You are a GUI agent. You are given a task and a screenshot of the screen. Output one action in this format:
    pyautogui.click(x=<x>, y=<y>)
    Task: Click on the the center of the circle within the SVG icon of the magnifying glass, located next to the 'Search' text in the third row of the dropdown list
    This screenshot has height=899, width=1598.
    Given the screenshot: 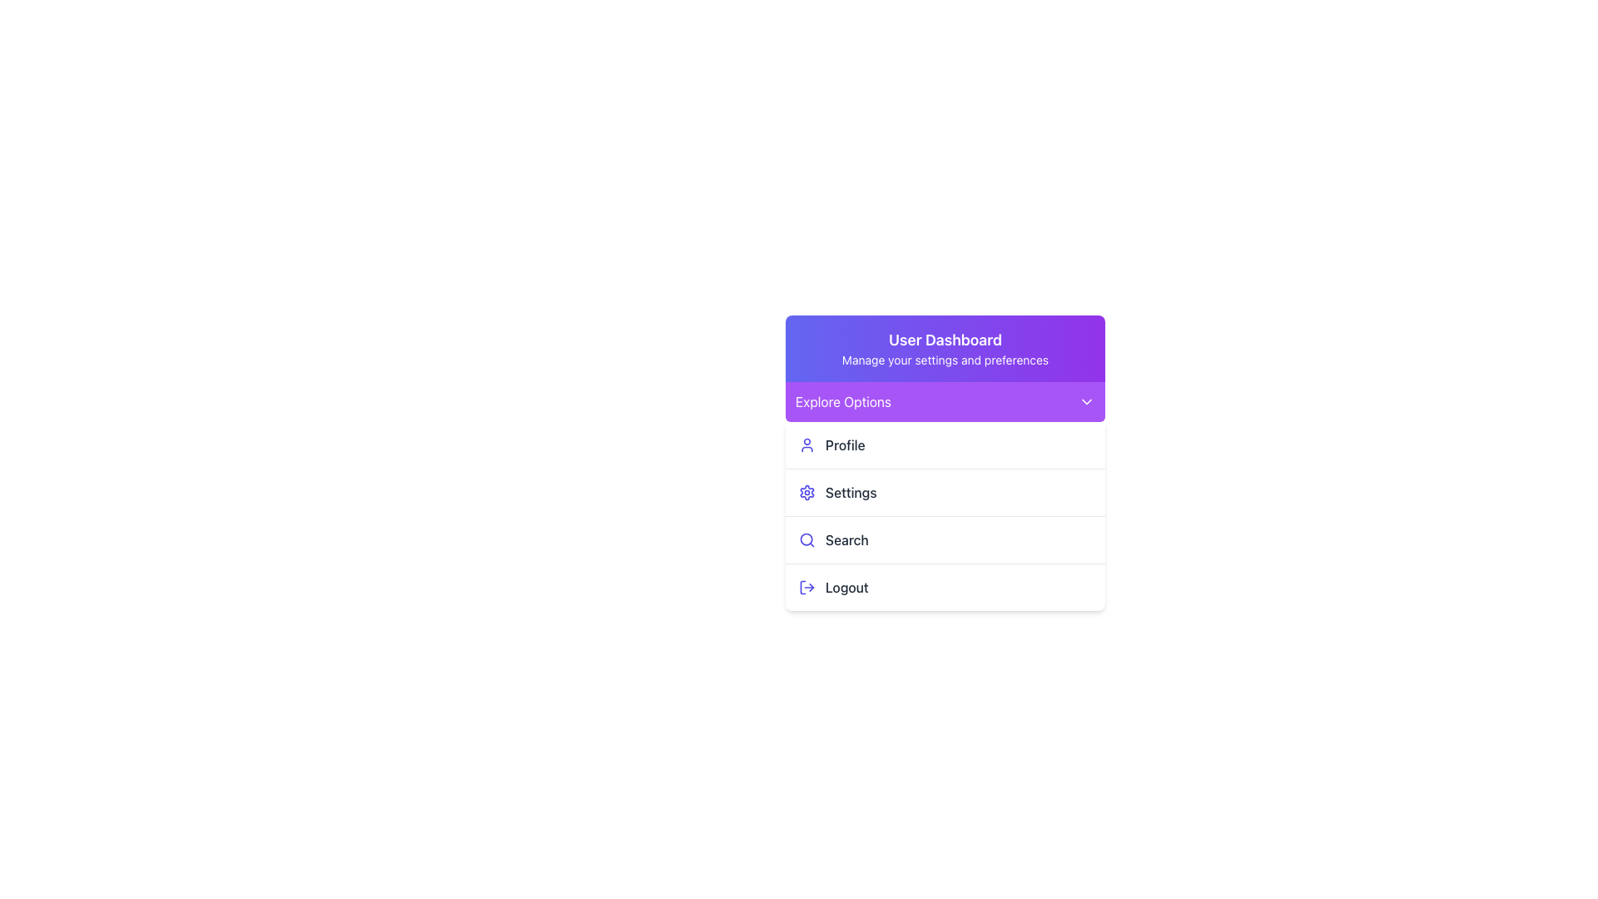 What is the action you would take?
    pyautogui.click(x=806, y=539)
    